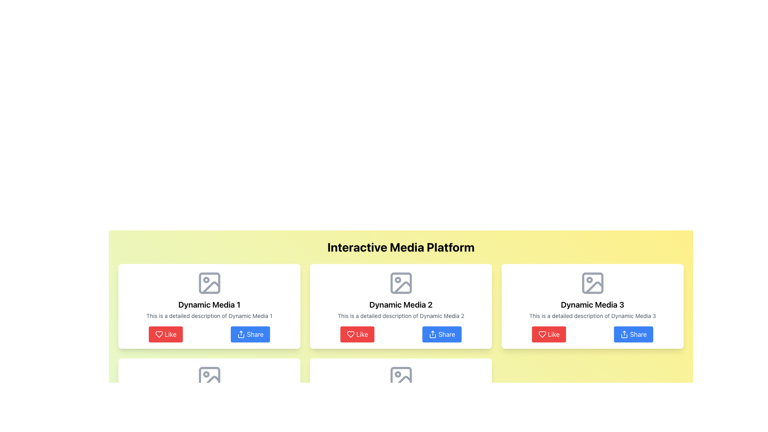 This screenshot has width=768, height=432. Describe the element at coordinates (589, 279) in the screenshot. I see `the small, grayish circular shape within the SVG graphic that is part of the media icon above the 'Dynamic Media 3' label in the third column of media cards` at that location.